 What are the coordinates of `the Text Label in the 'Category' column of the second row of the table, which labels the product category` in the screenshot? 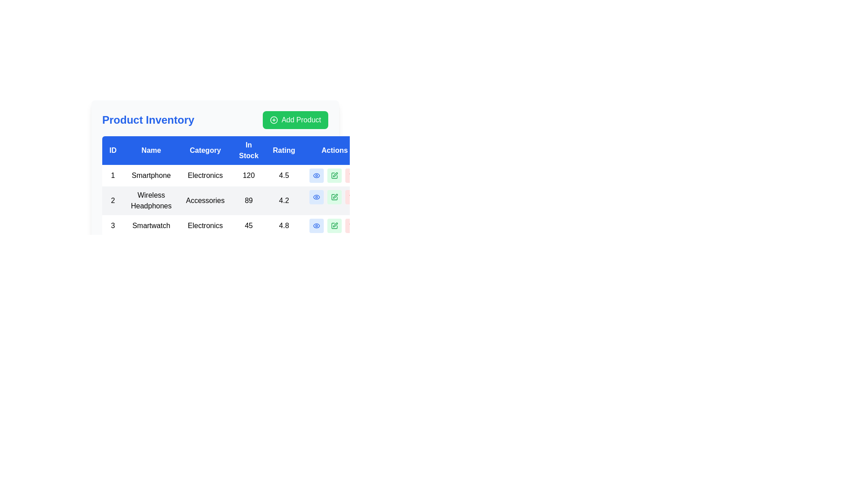 It's located at (204, 200).